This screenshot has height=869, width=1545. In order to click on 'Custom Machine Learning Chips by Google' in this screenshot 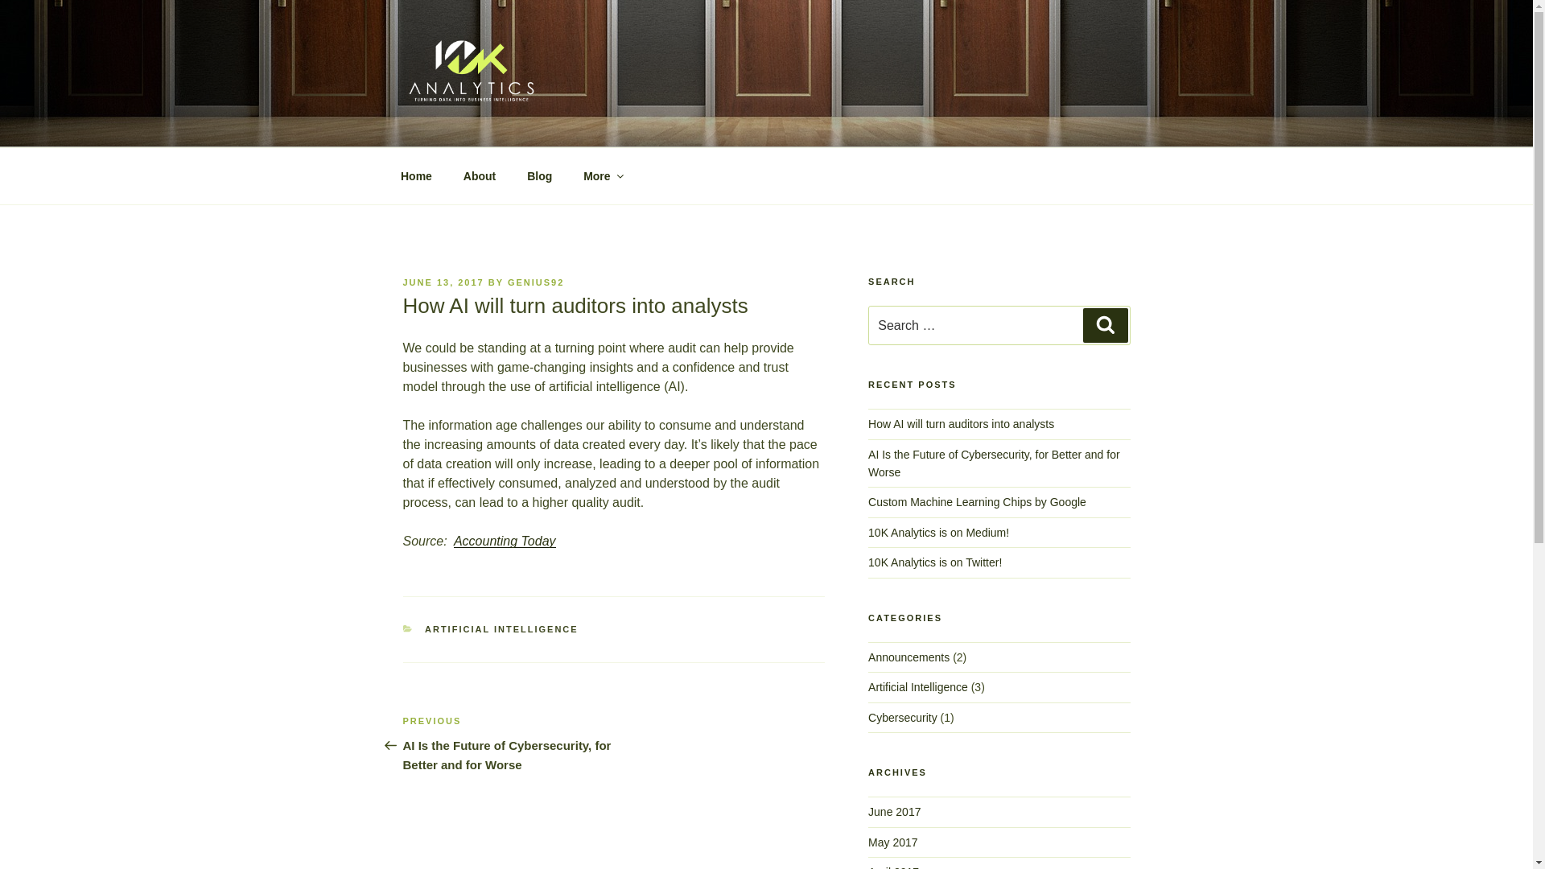, I will do `click(976, 501)`.